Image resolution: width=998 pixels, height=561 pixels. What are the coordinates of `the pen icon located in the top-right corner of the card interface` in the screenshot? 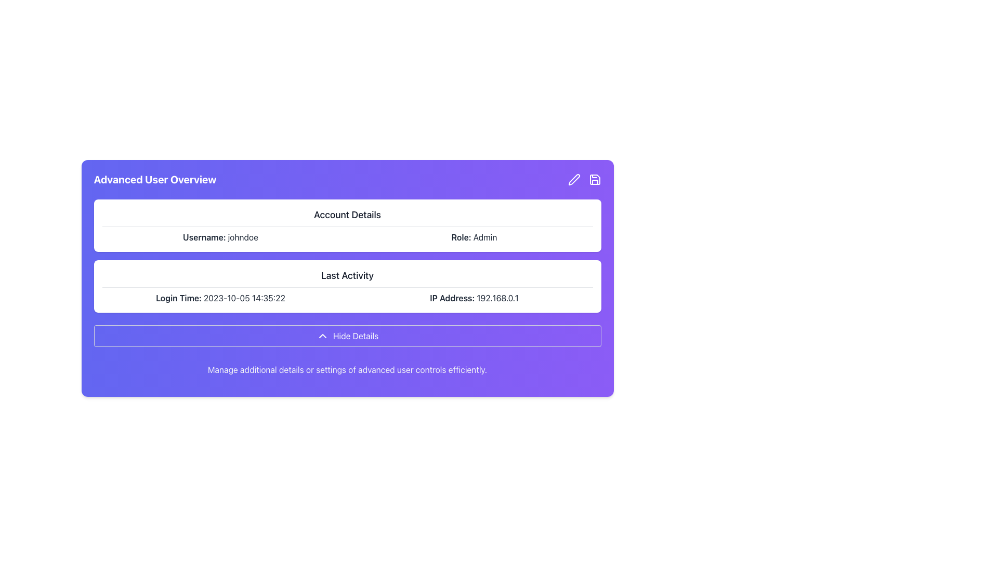 It's located at (573, 179).